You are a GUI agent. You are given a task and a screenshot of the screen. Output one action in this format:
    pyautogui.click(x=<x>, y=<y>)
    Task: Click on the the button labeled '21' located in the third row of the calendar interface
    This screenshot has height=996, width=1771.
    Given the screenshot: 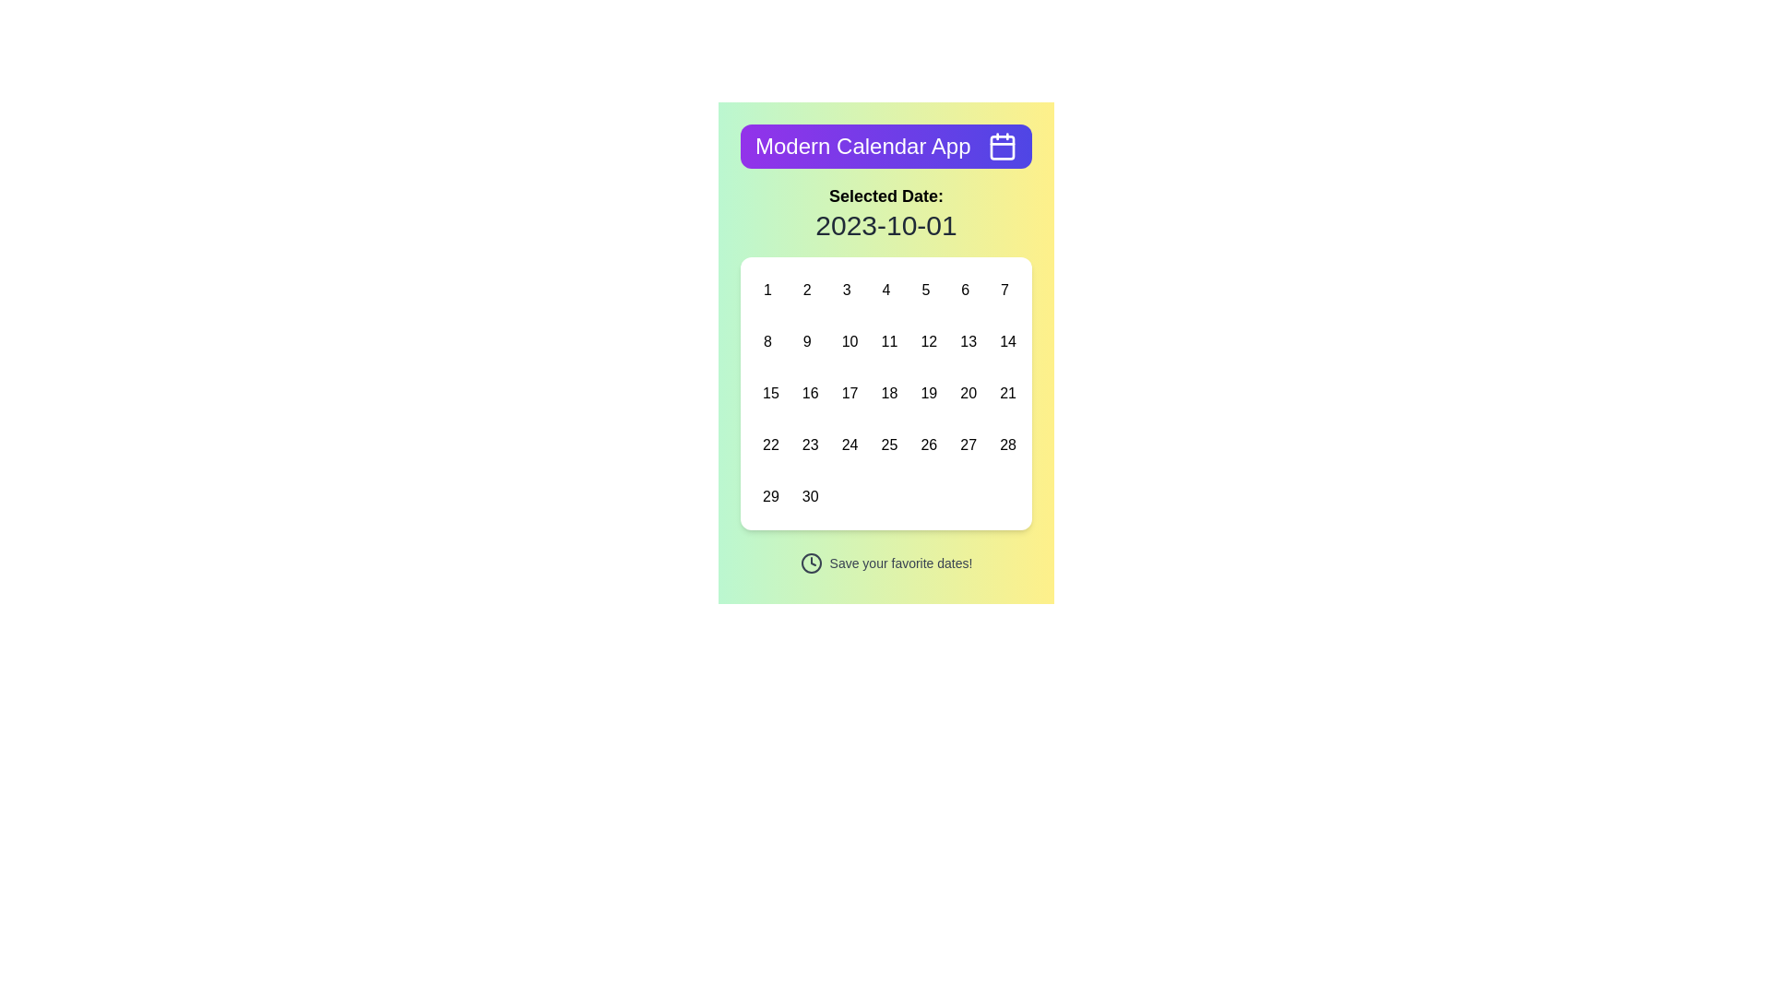 What is the action you would take?
    pyautogui.click(x=1004, y=393)
    